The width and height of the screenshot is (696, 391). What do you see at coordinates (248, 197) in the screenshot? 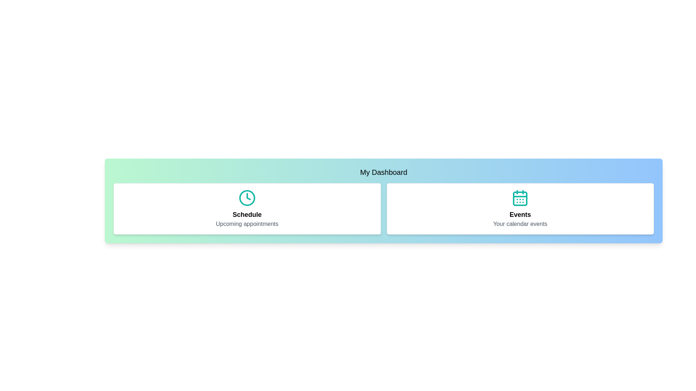
I see `the clock hand element of the SVG clock icon located in the left section of the 'Schedule' interface` at bounding box center [248, 197].